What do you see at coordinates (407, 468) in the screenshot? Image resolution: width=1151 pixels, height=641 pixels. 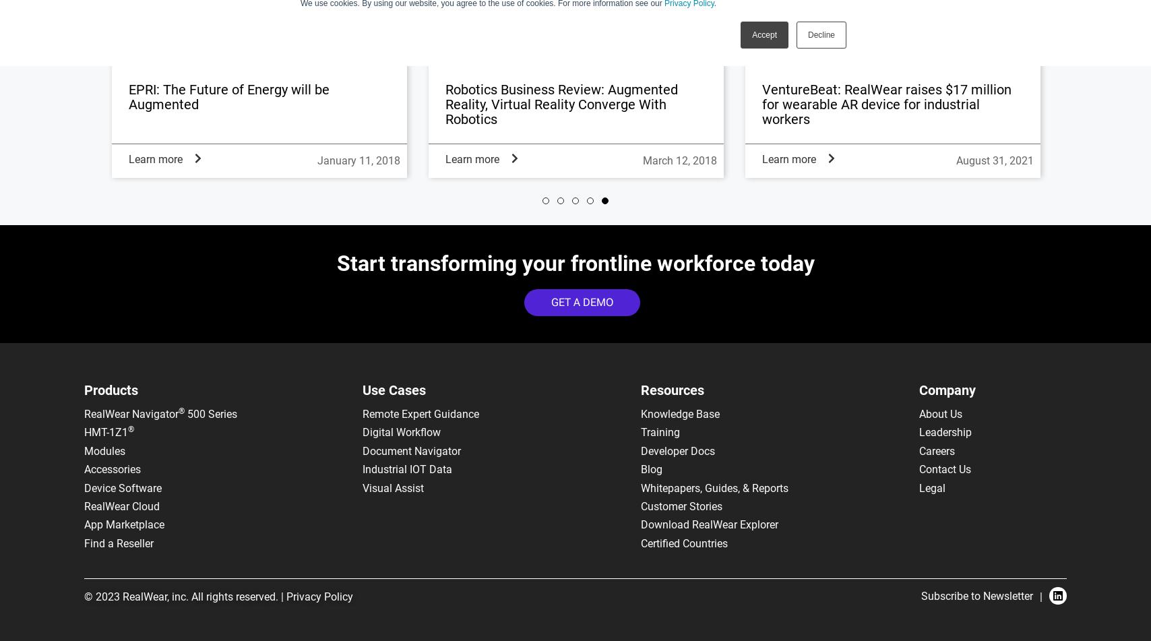 I see `'Industrial IOT Data'` at bounding box center [407, 468].